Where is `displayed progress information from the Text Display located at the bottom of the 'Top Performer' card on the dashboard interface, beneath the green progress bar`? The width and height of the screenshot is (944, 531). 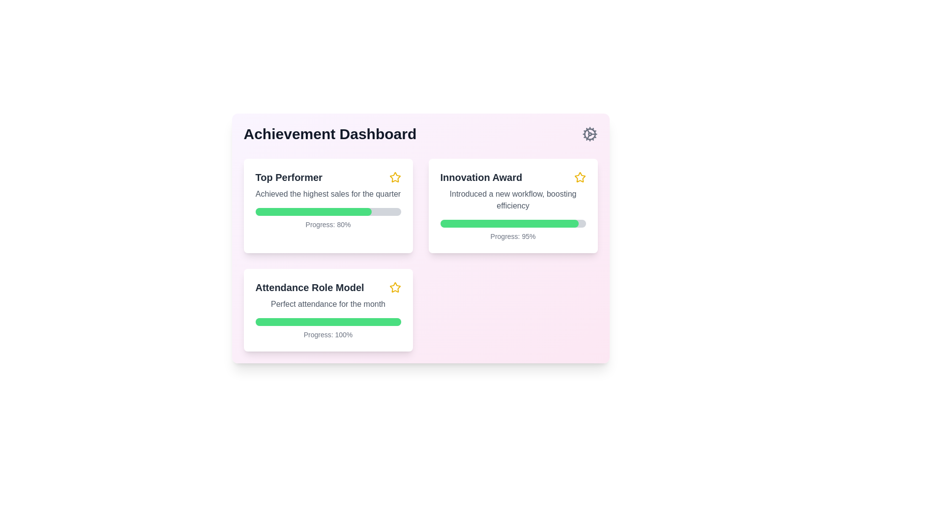 displayed progress information from the Text Display located at the bottom of the 'Top Performer' card on the dashboard interface, beneath the green progress bar is located at coordinates (328, 224).